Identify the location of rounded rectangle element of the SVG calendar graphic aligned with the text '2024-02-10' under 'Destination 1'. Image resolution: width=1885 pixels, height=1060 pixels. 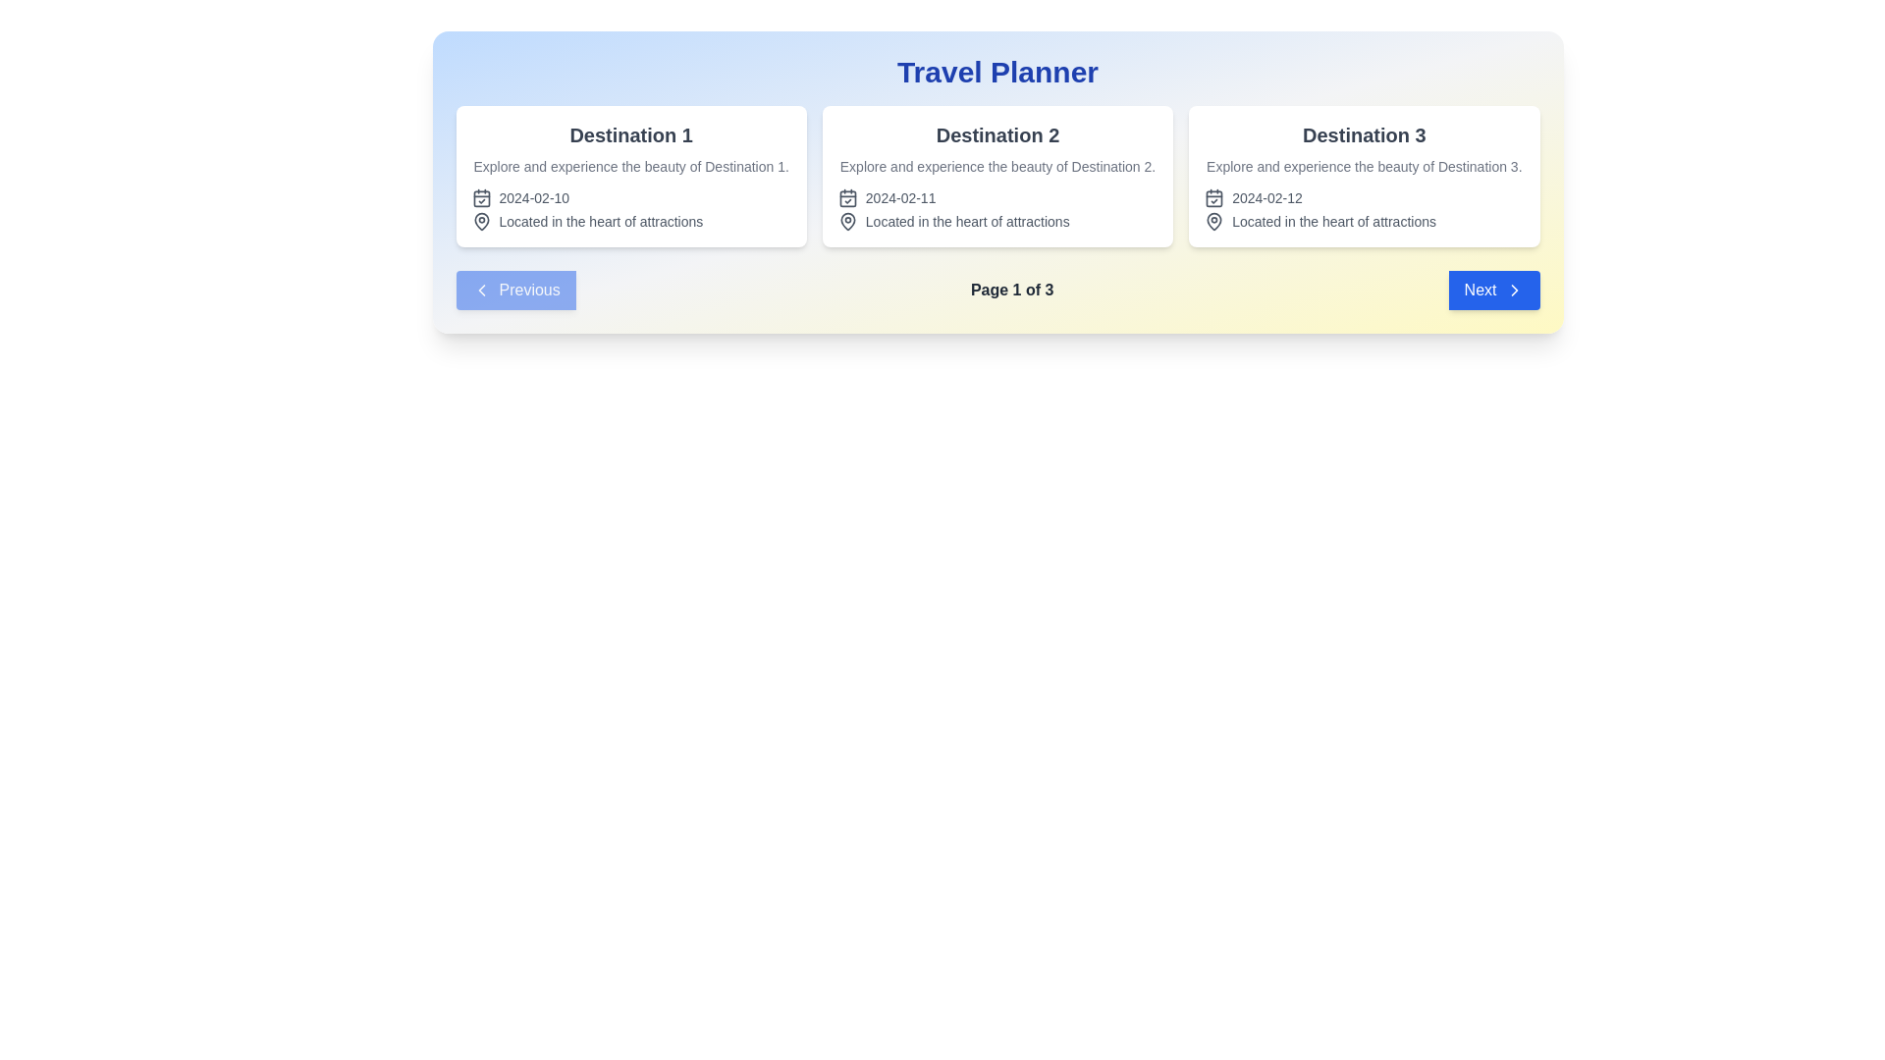
(481, 198).